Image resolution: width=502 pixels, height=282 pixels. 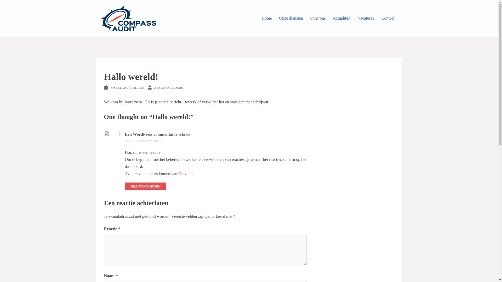 What do you see at coordinates (143, 140) in the screenshot?
I see `'28 APRIL 2021 OM 18:10'` at bounding box center [143, 140].